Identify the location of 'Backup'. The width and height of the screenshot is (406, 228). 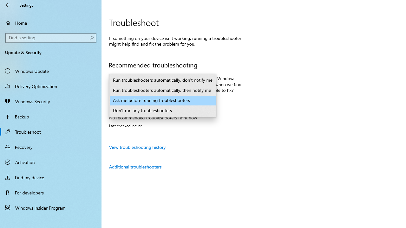
(51, 116).